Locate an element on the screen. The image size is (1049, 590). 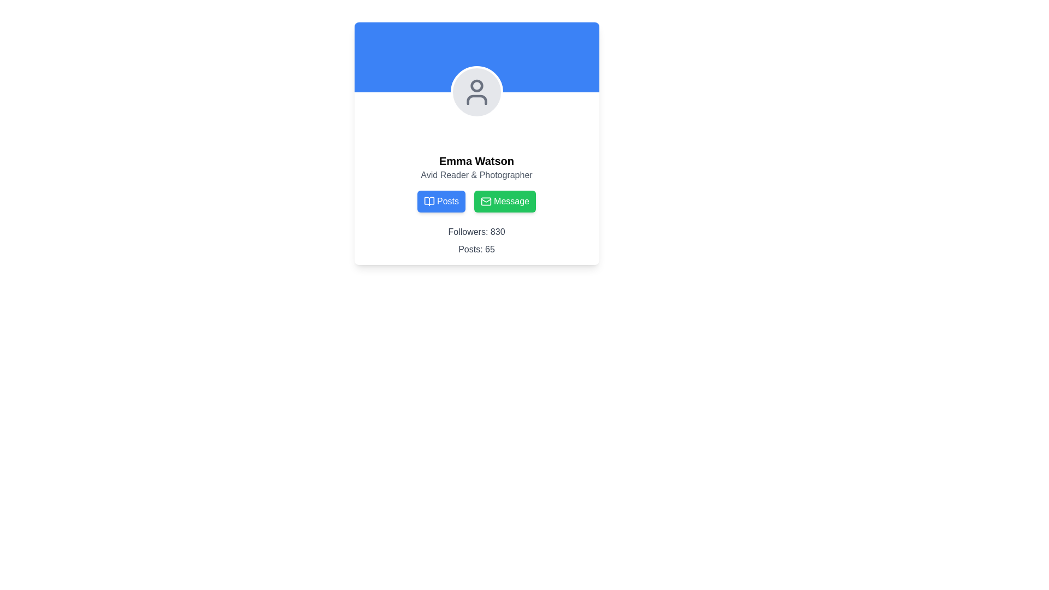
the 'Posts' button text using keyboard navigation is located at coordinates (448, 202).